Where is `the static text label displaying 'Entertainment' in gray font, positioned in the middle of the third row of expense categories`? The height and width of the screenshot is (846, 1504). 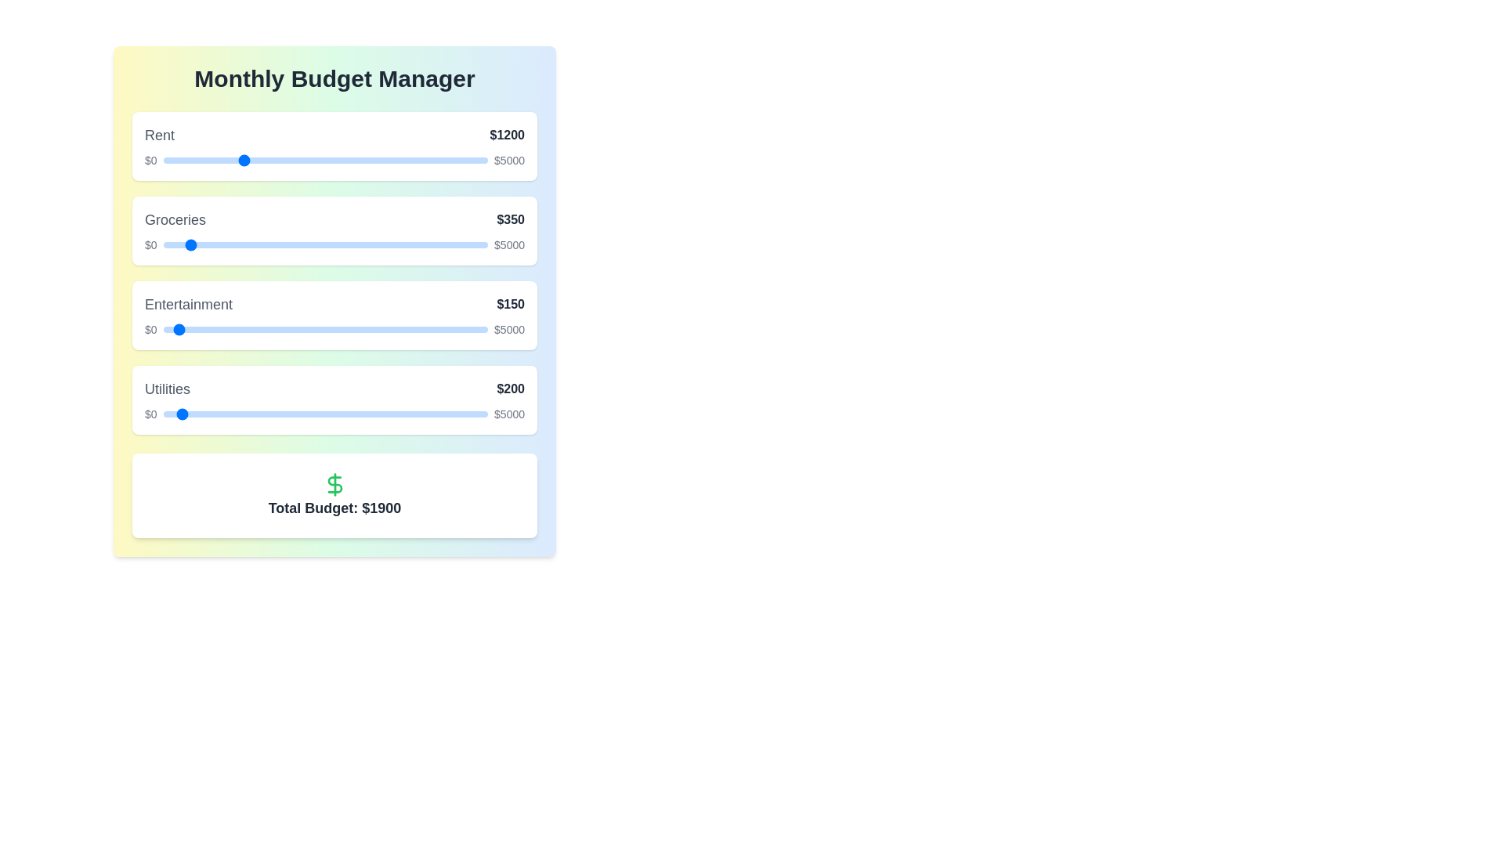
the static text label displaying 'Entertainment' in gray font, positioned in the middle of the third row of expense categories is located at coordinates (188, 305).